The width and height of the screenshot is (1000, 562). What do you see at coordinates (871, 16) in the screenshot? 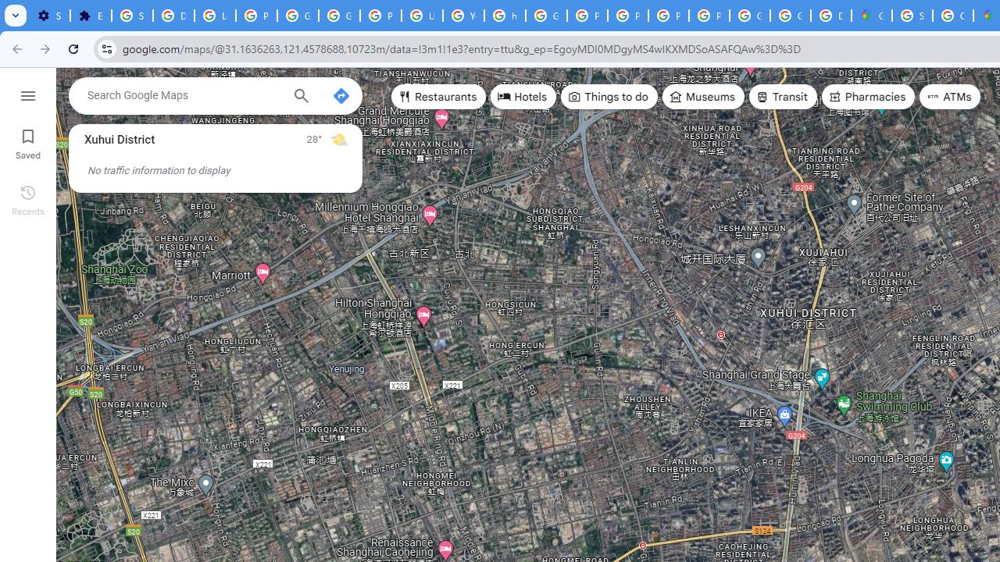
I see `'Google Maps'` at bounding box center [871, 16].